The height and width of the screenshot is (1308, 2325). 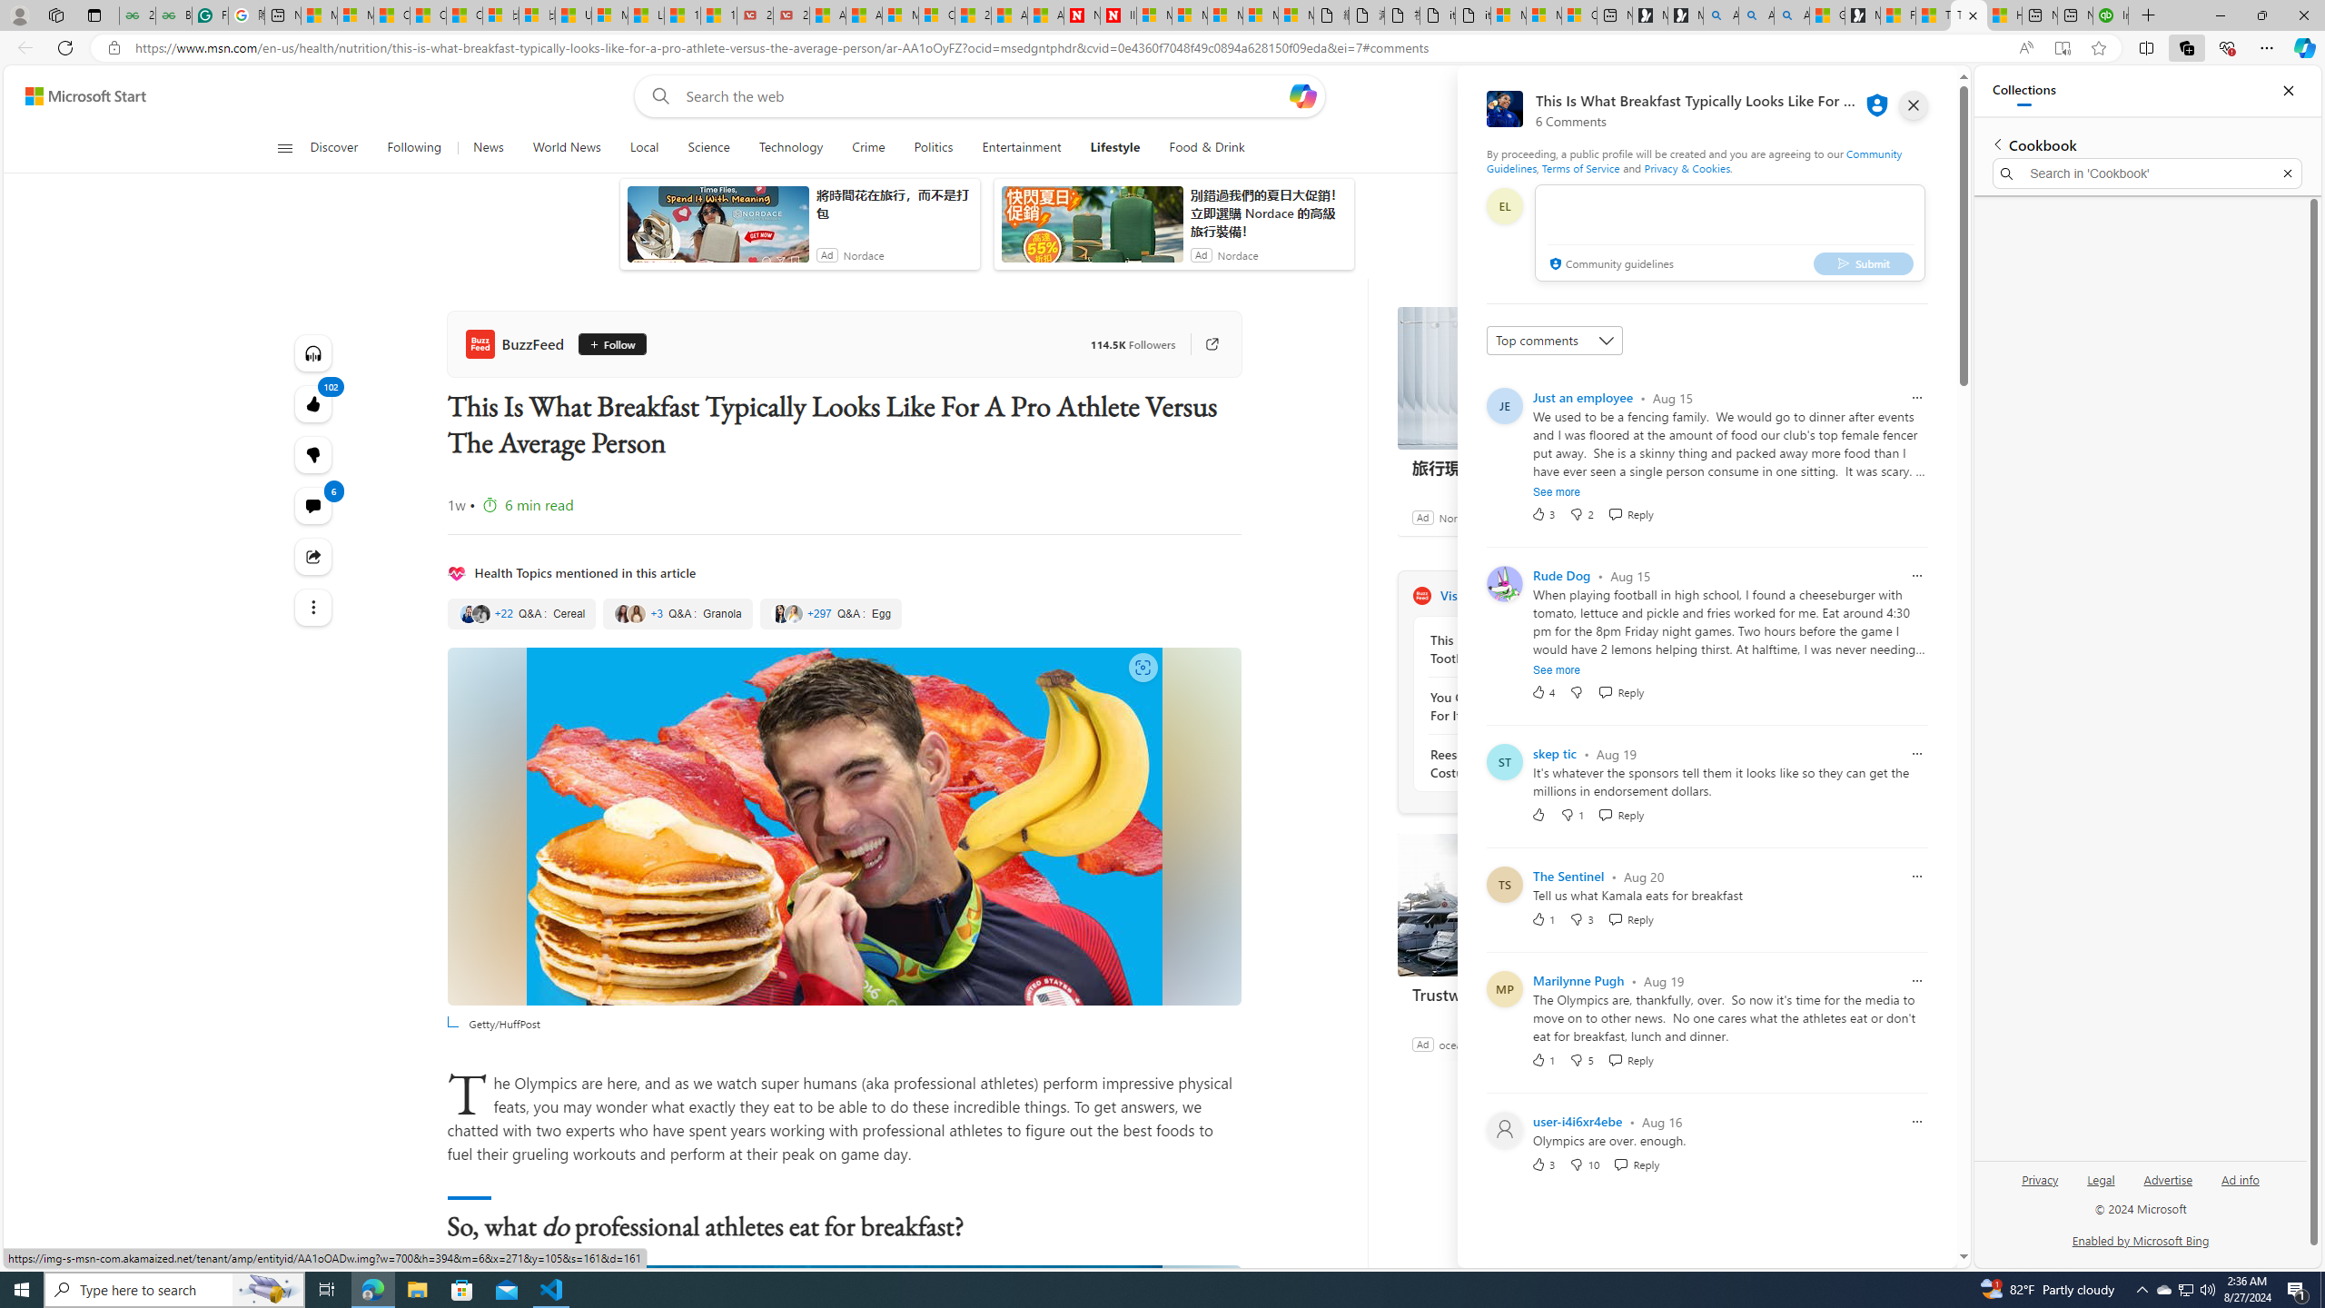 I want to click on 'Share this story', so click(x=313, y=556).